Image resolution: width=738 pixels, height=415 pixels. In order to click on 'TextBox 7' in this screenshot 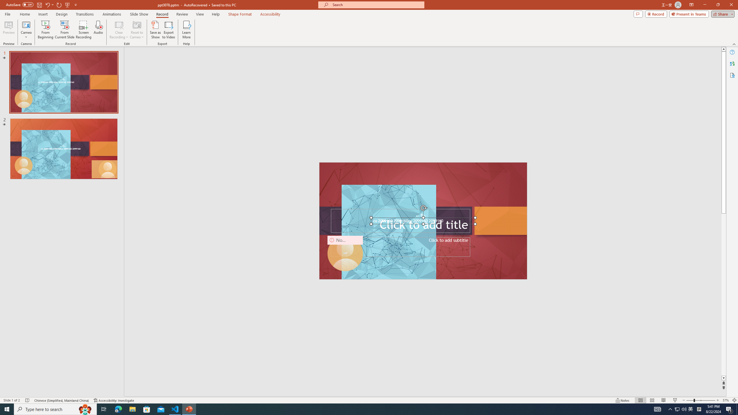, I will do `click(421, 216)`.